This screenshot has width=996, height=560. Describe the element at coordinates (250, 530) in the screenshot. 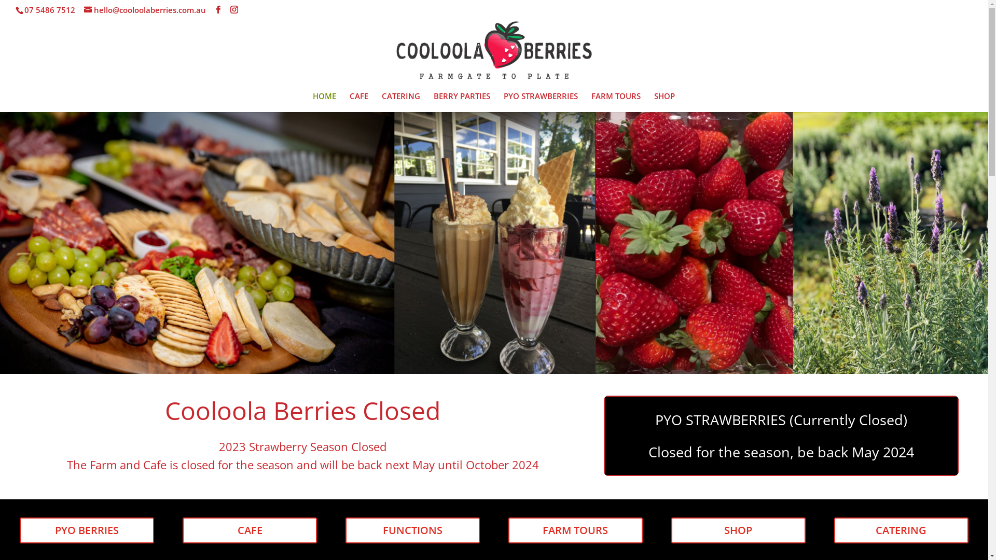

I see `'CAFE'` at that location.